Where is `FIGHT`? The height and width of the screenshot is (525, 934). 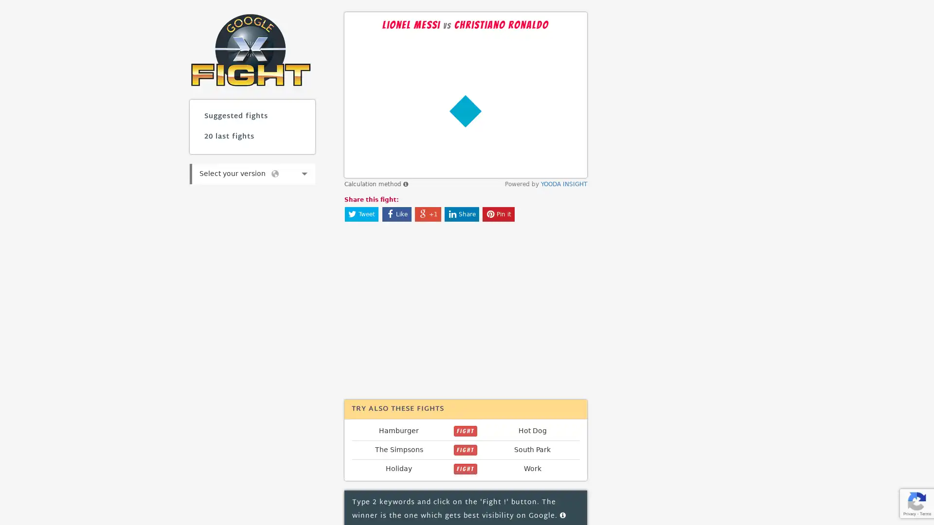 FIGHT is located at coordinates (465, 450).